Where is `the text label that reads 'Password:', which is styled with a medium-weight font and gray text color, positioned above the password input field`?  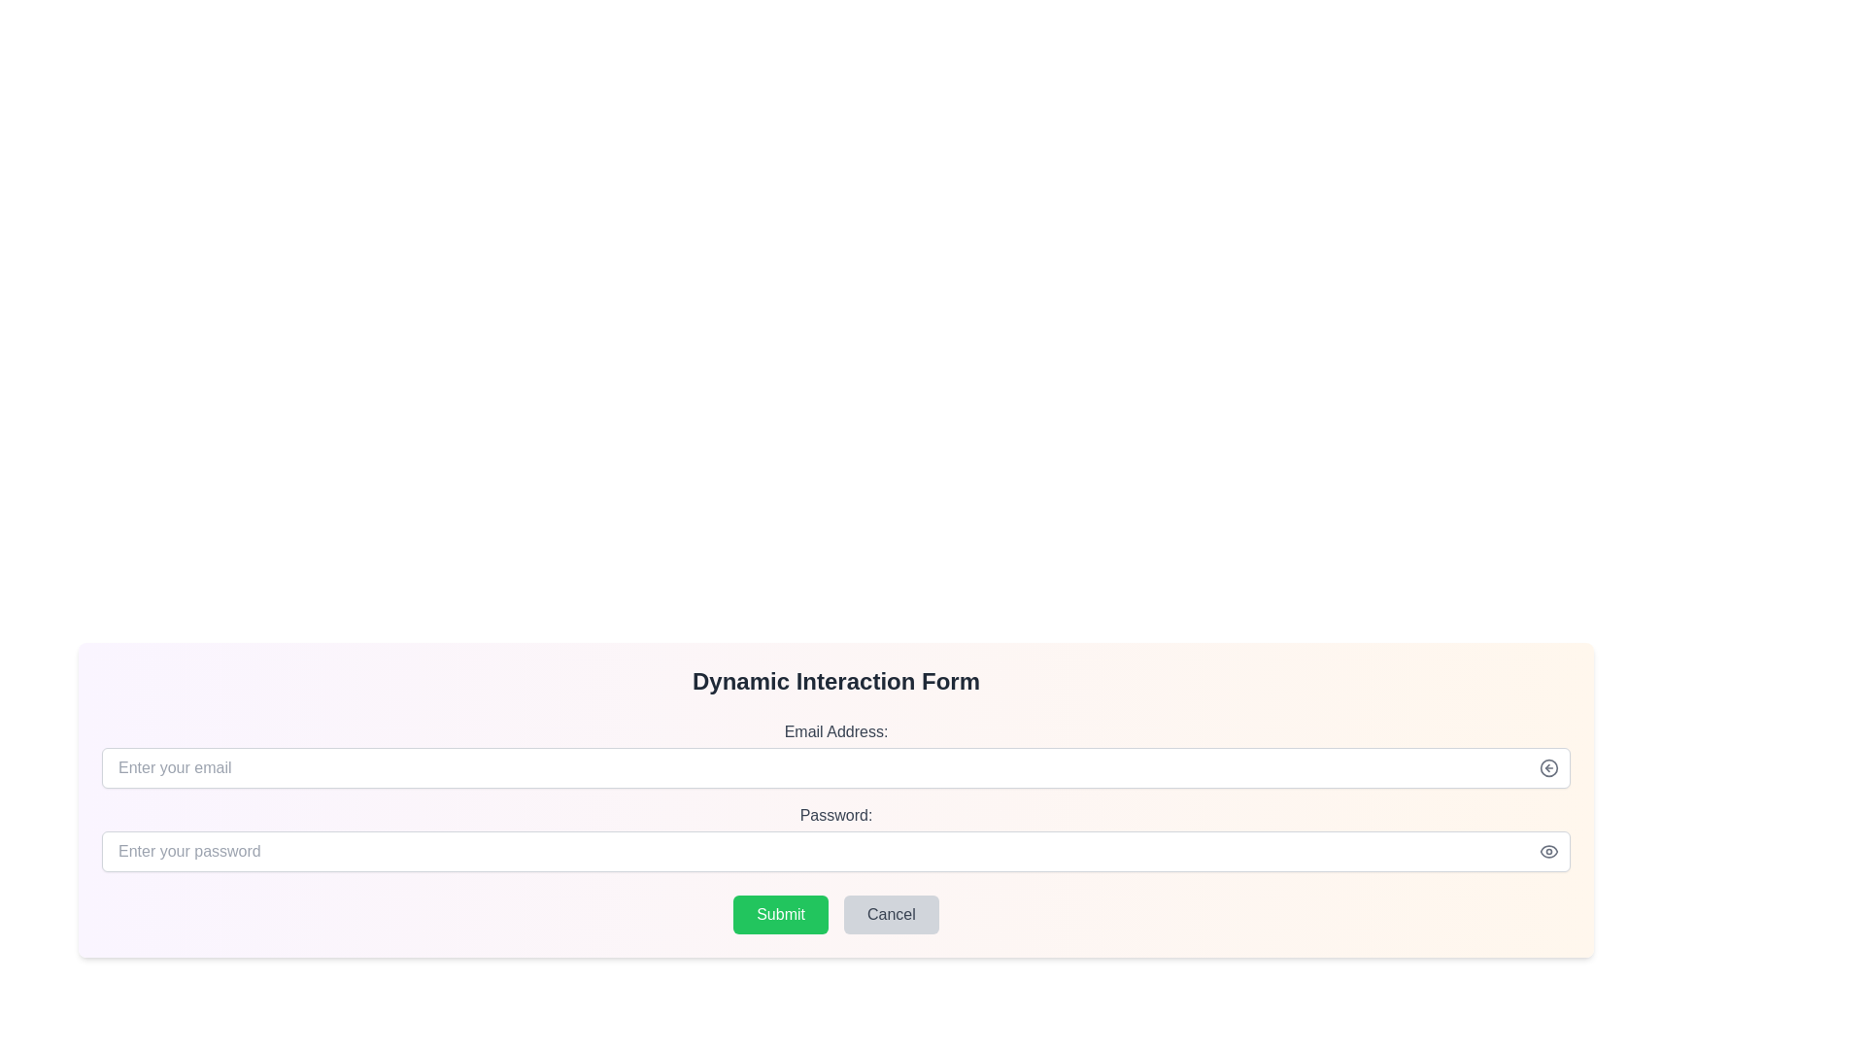
the text label that reads 'Password:', which is styled with a medium-weight font and gray text color, positioned above the password input field is located at coordinates (835, 816).